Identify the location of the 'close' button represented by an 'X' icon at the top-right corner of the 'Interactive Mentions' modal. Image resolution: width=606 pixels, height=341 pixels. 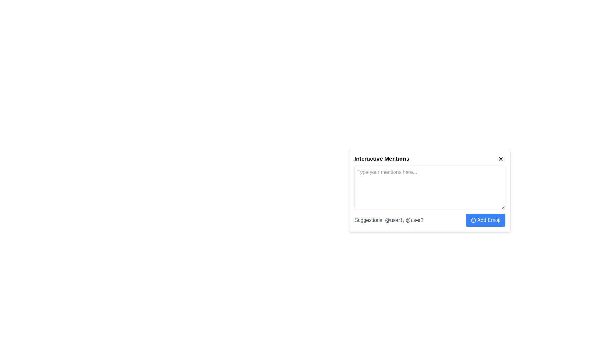
(501, 158).